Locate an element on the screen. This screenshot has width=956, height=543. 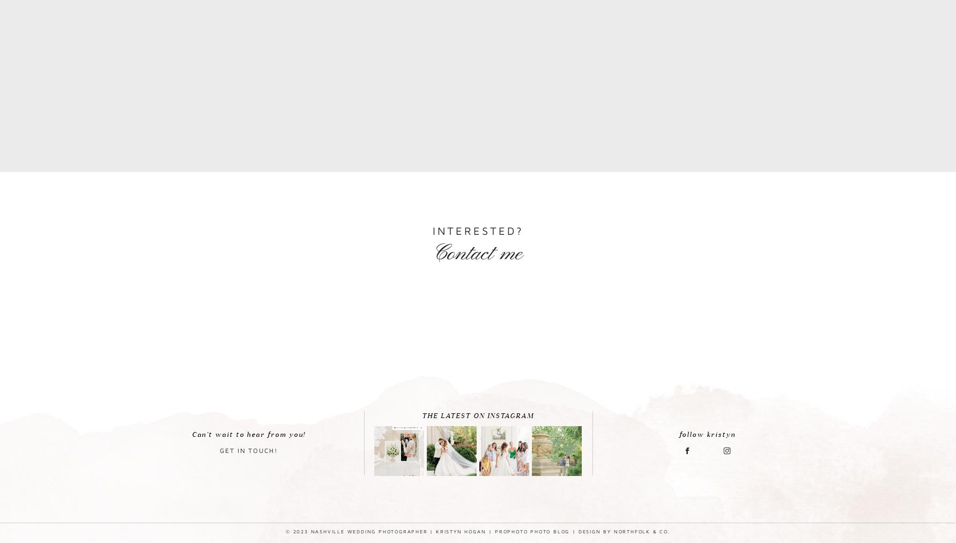
'GET IN TOUCH!' is located at coordinates (248, 450).